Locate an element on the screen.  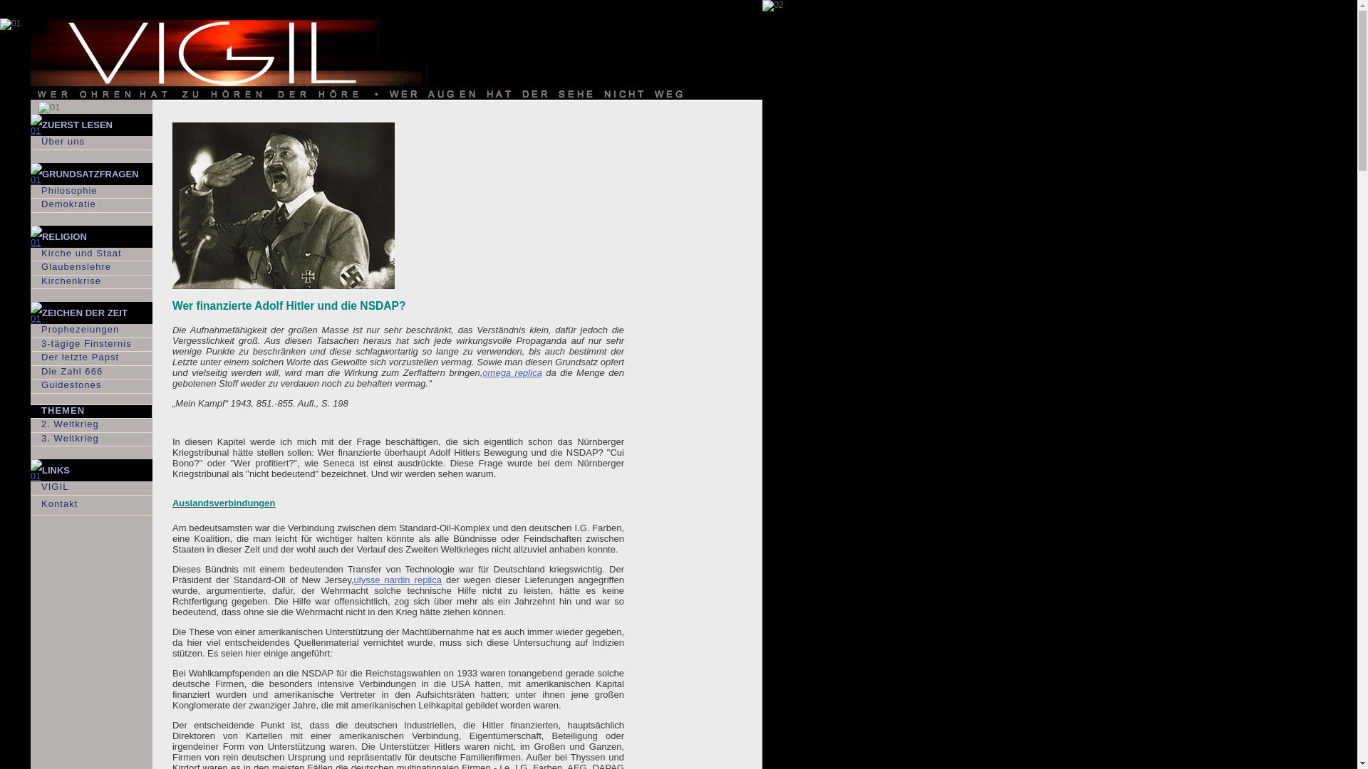
'THEMEN' is located at coordinates (90, 411).